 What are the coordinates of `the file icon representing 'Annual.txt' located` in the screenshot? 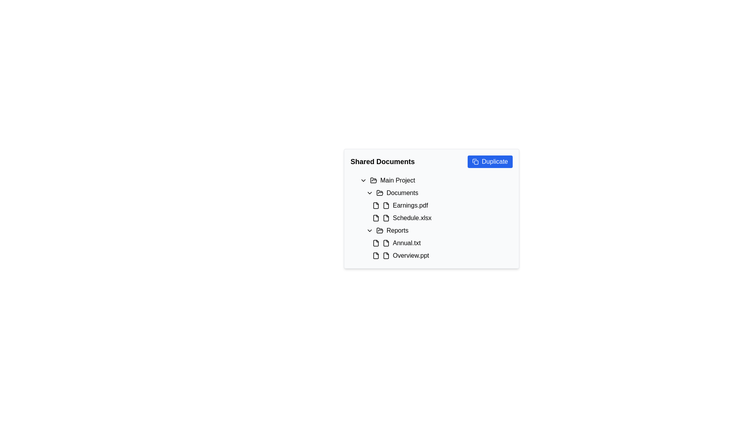 It's located at (386, 243).